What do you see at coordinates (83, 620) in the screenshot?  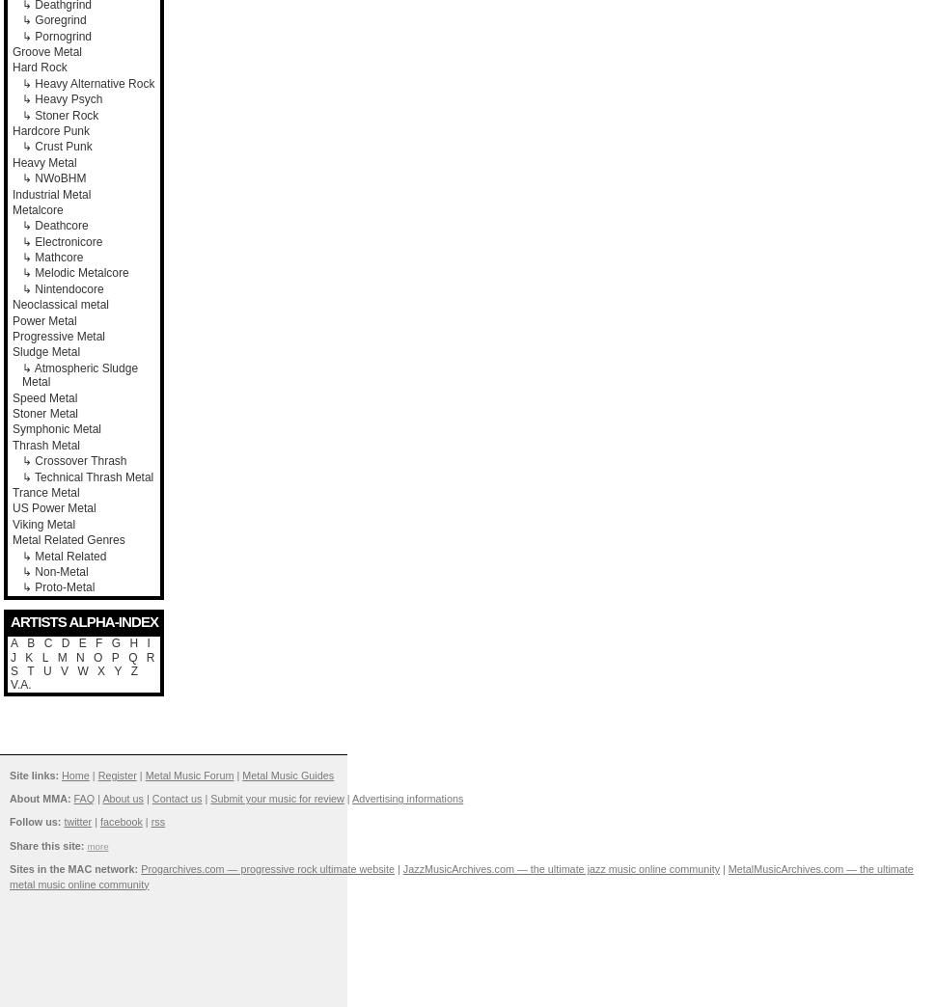 I see `'Artists Alpha-index'` at bounding box center [83, 620].